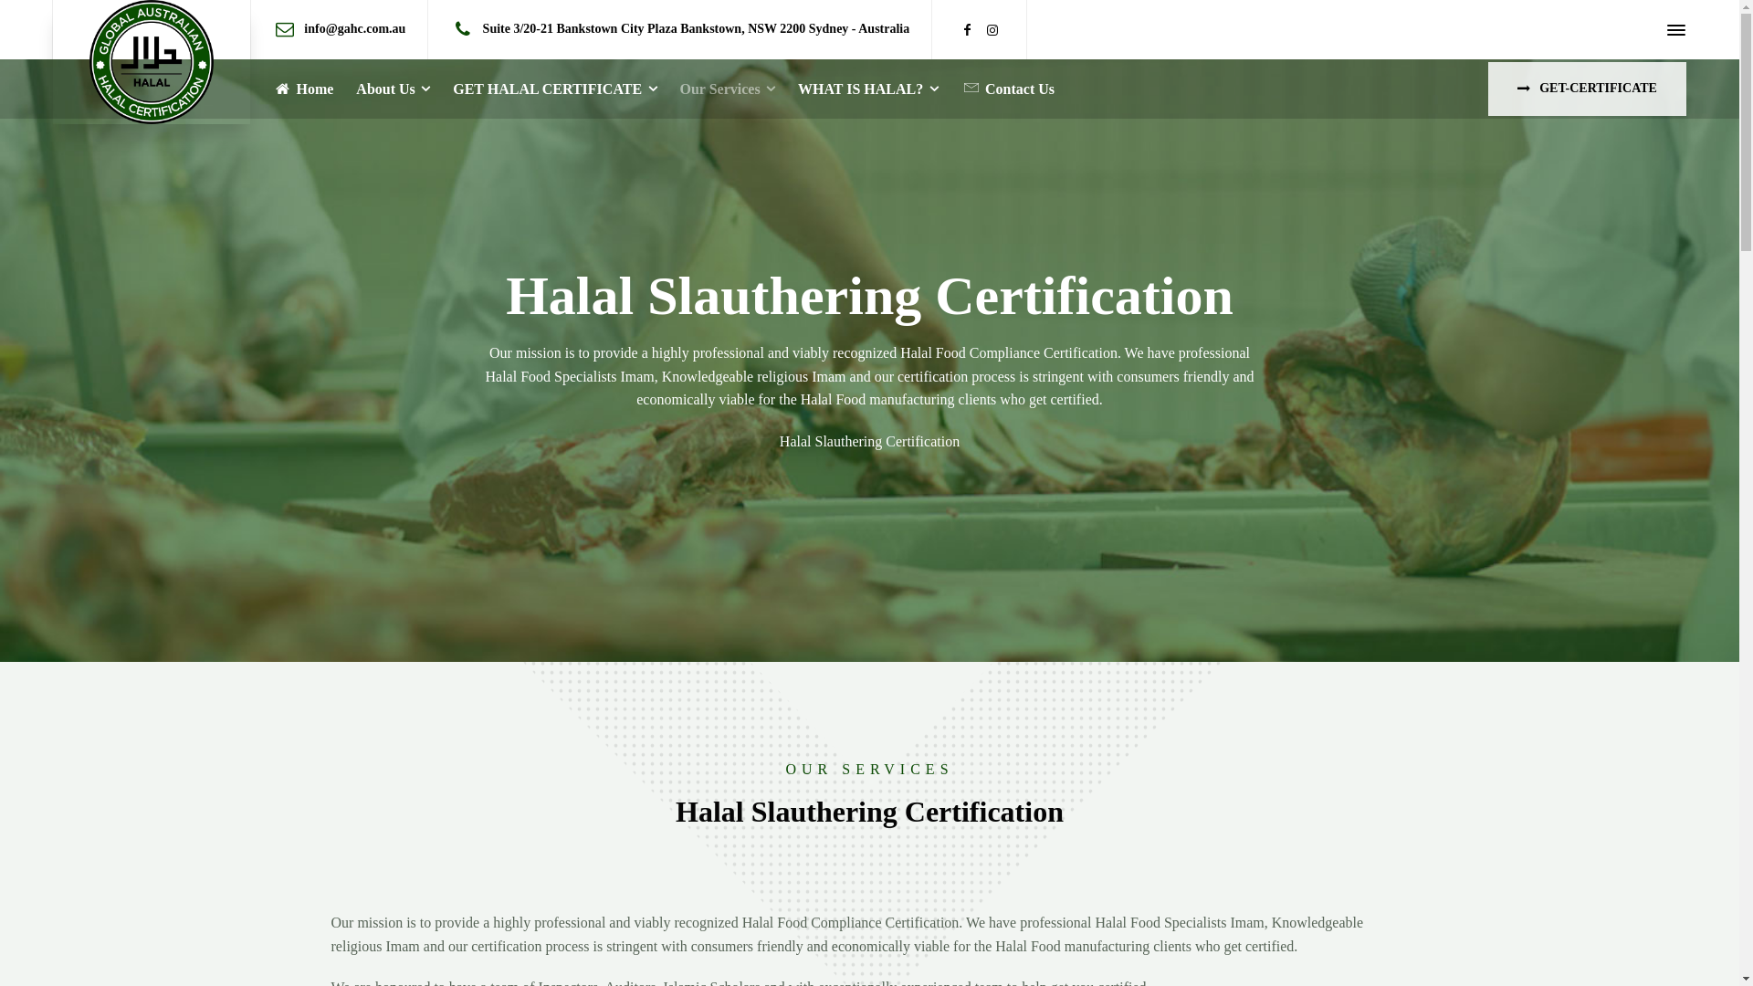 The height and width of the screenshot is (986, 1753). What do you see at coordinates (1586, 89) in the screenshot?
I see `'GET-CERTIFICATE'` at bounding box center [1586, 89].